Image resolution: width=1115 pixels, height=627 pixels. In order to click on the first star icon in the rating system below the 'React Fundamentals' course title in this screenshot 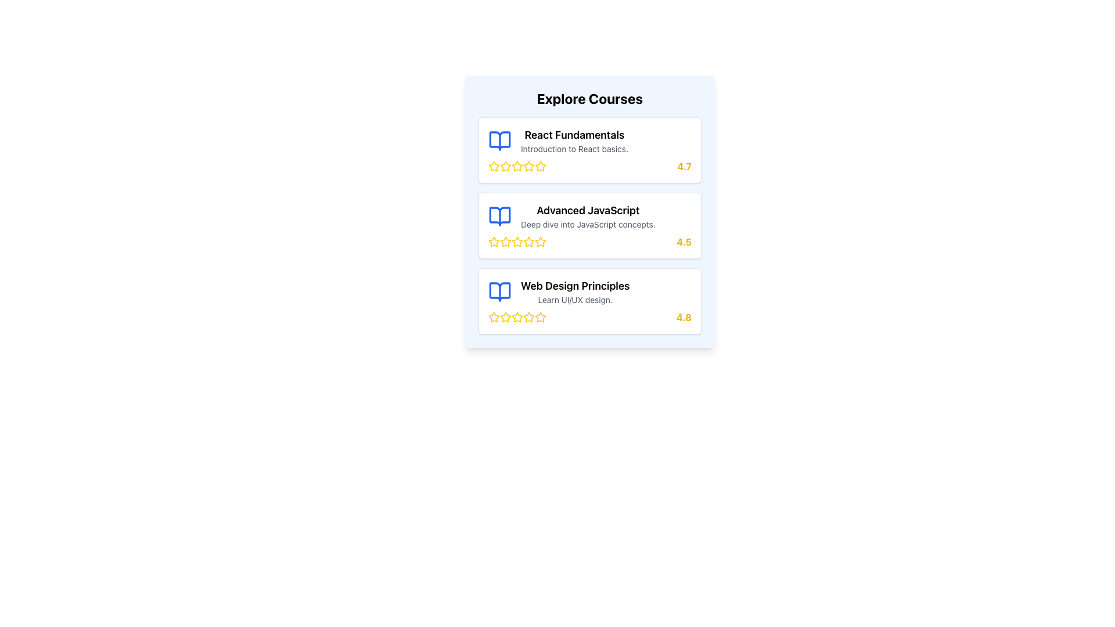, I will do `click(494, 166)`.